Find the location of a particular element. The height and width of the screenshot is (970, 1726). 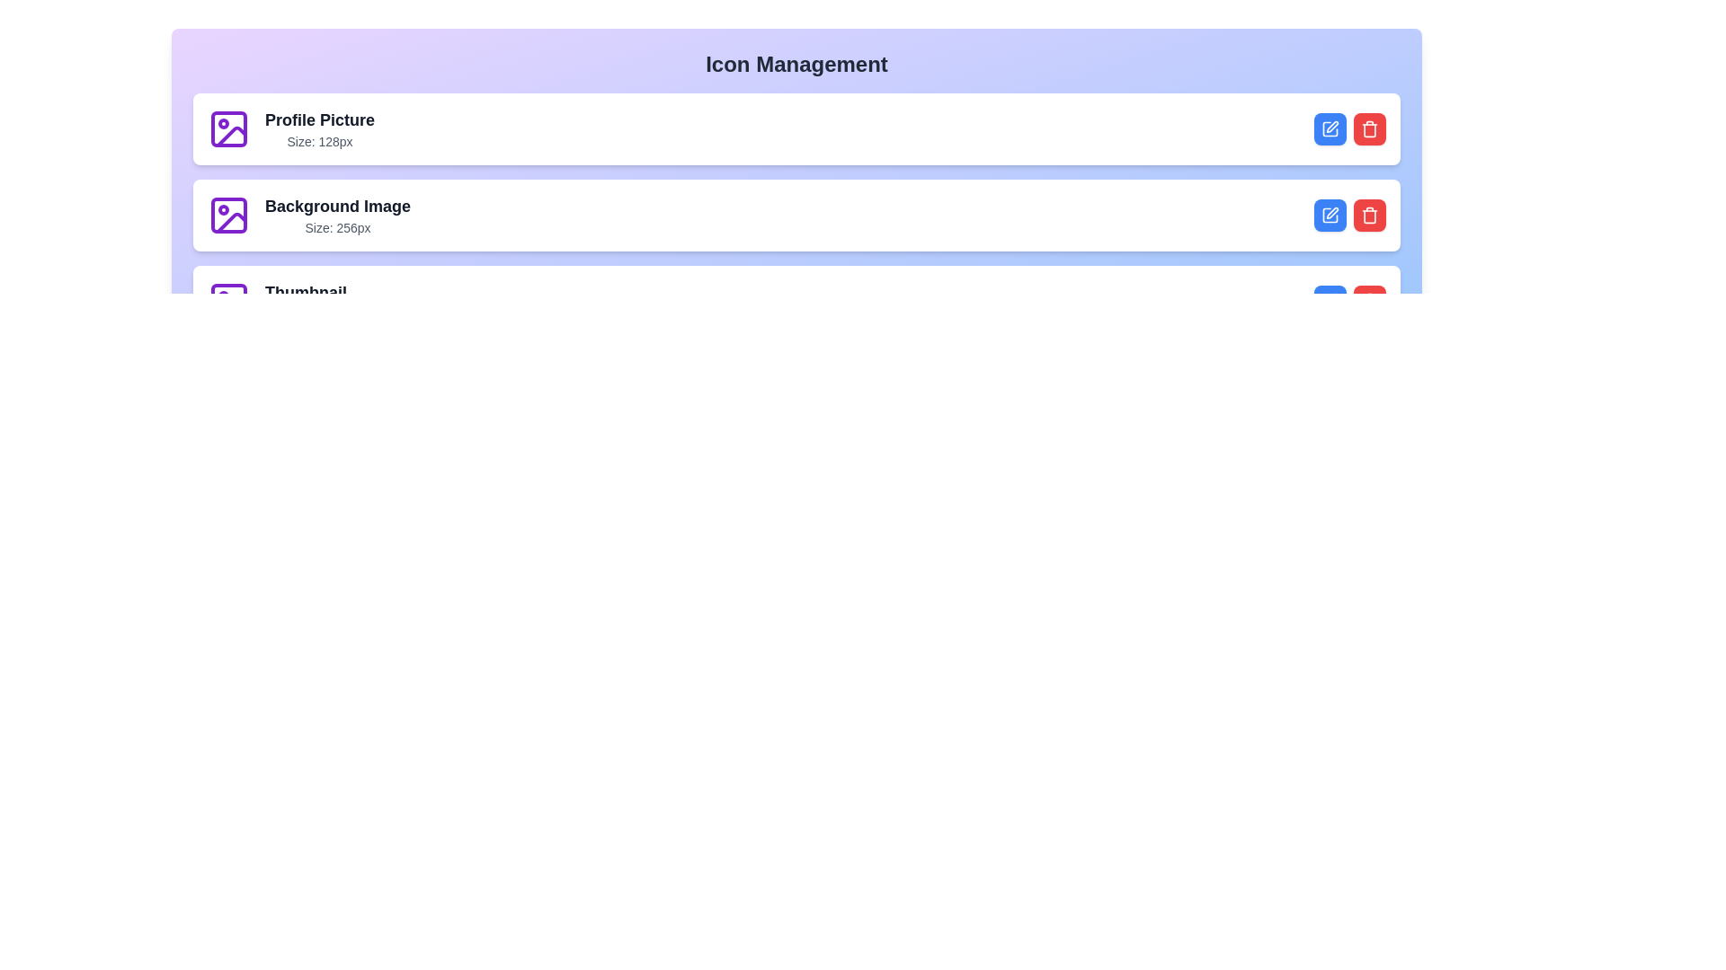

the first button in the group located at the right end of the 'Background Image' entry is located at coordinates (1330, 214).